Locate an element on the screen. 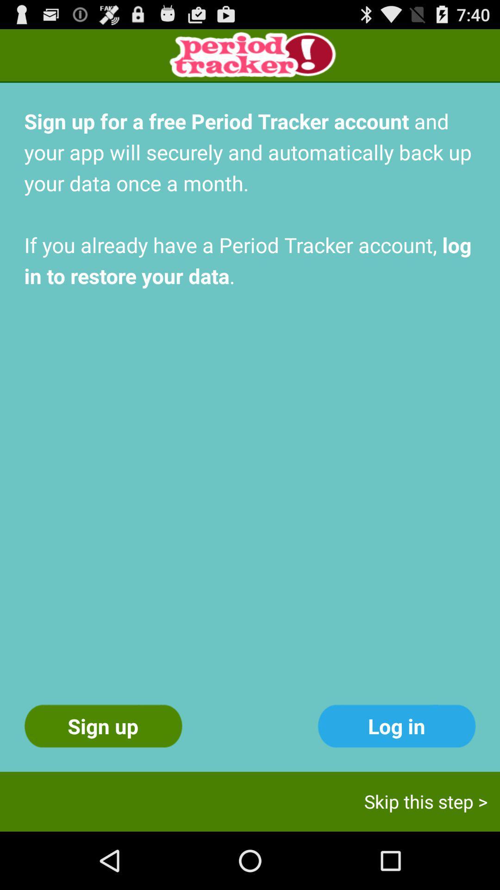 The image size is (500, 890). the app above the skip this step > app is located at coordinates (396, 725).